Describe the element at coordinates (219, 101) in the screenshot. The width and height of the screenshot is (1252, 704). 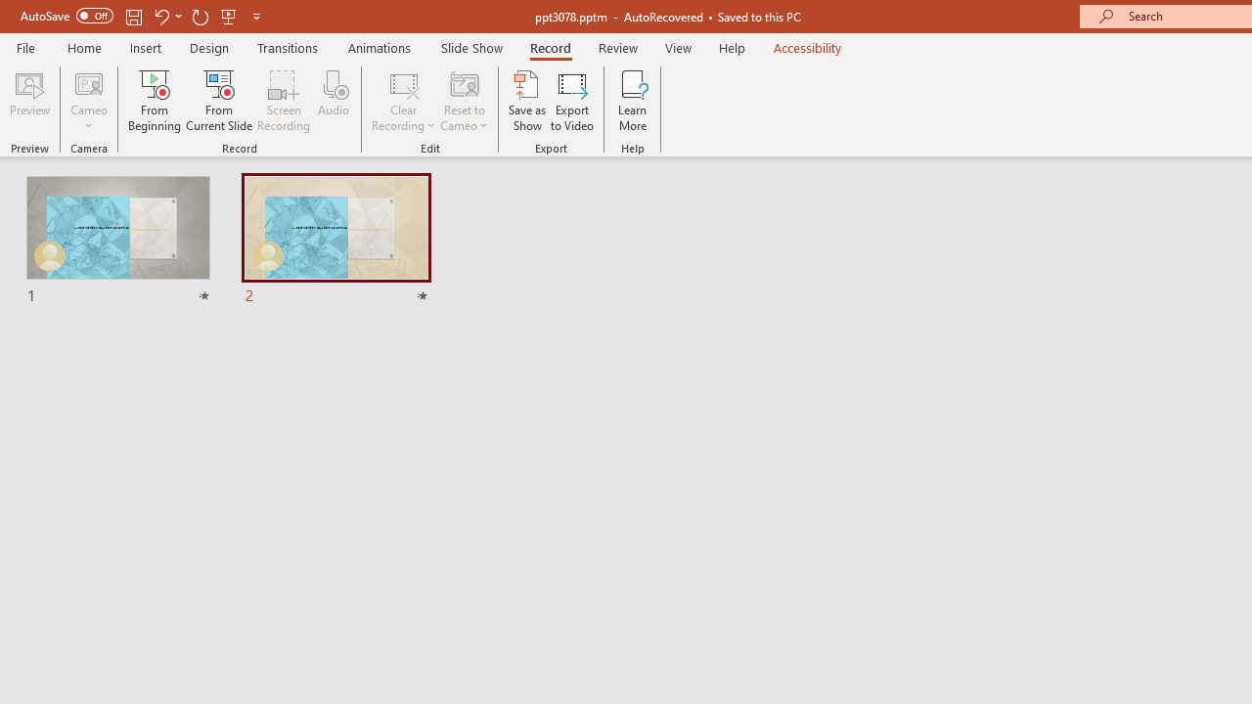
I see `'From Current Slide...'` at that location.